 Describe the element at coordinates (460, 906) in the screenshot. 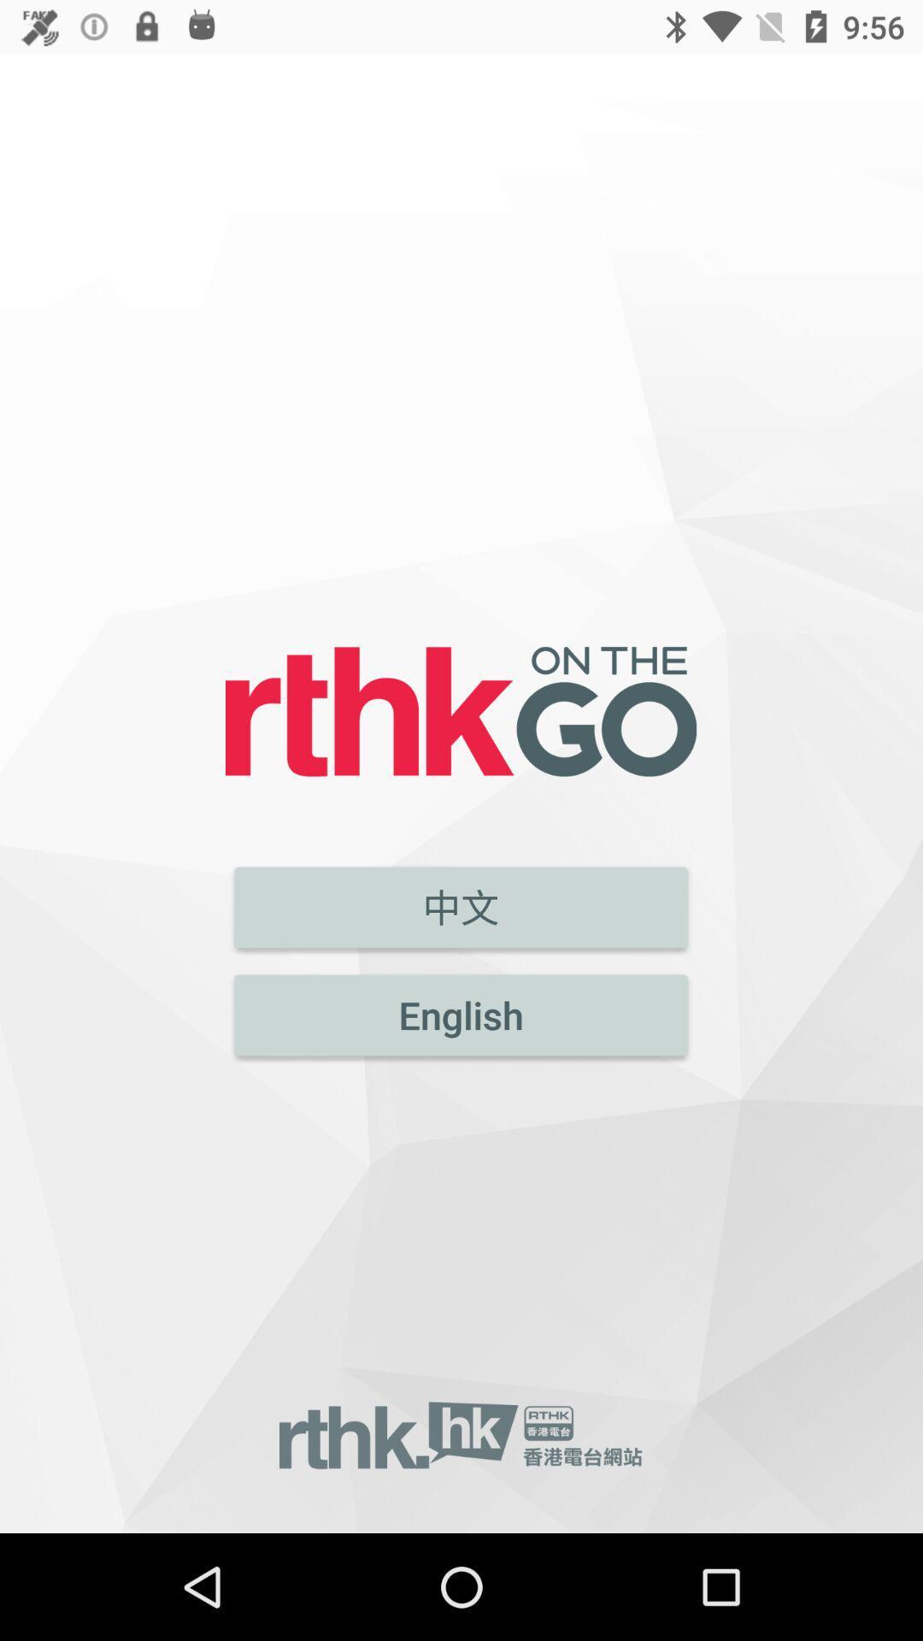

I see `the icon above english item` at that location.